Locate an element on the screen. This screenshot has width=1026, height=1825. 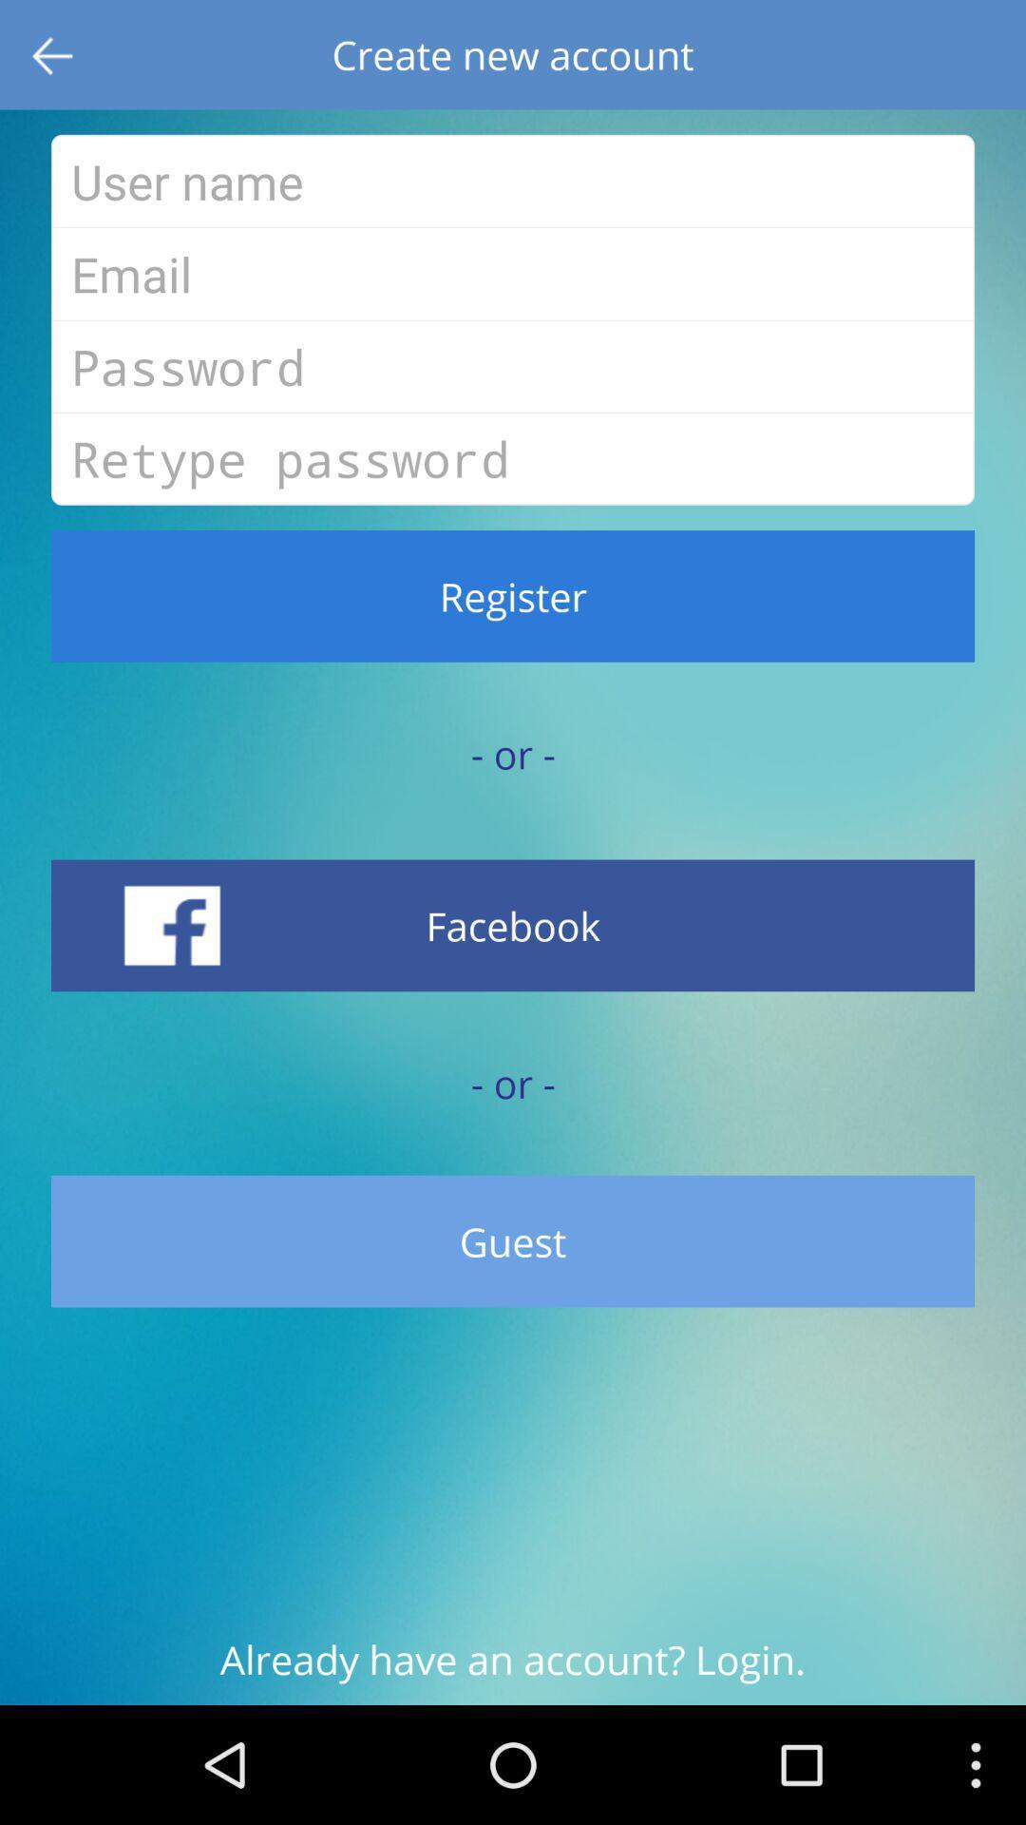
coloque aqui o seu nome is located at coordinates (513, 181).